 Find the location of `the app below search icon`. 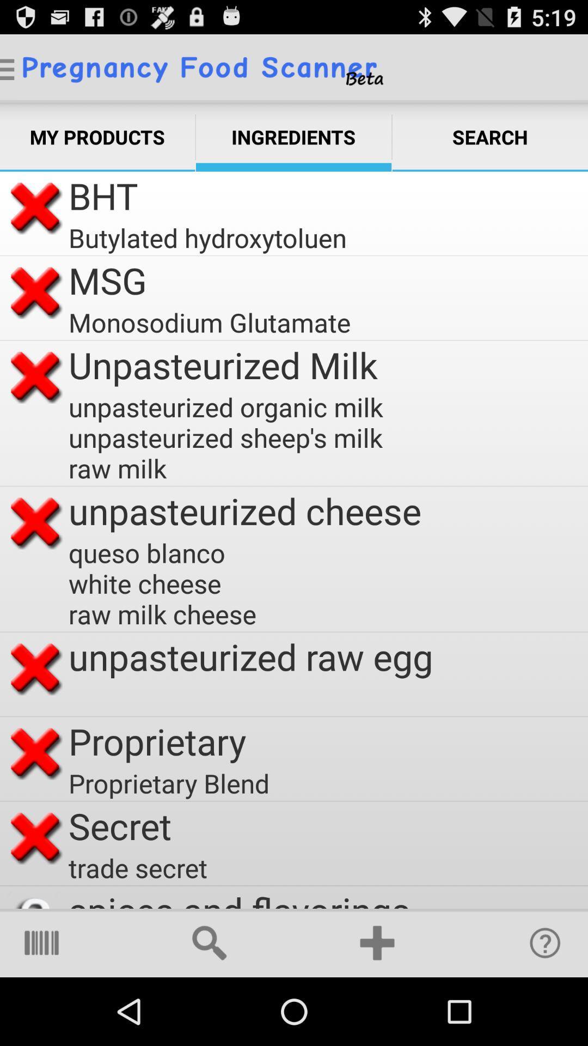

the app below search icon is located at coordinates (545, 942).